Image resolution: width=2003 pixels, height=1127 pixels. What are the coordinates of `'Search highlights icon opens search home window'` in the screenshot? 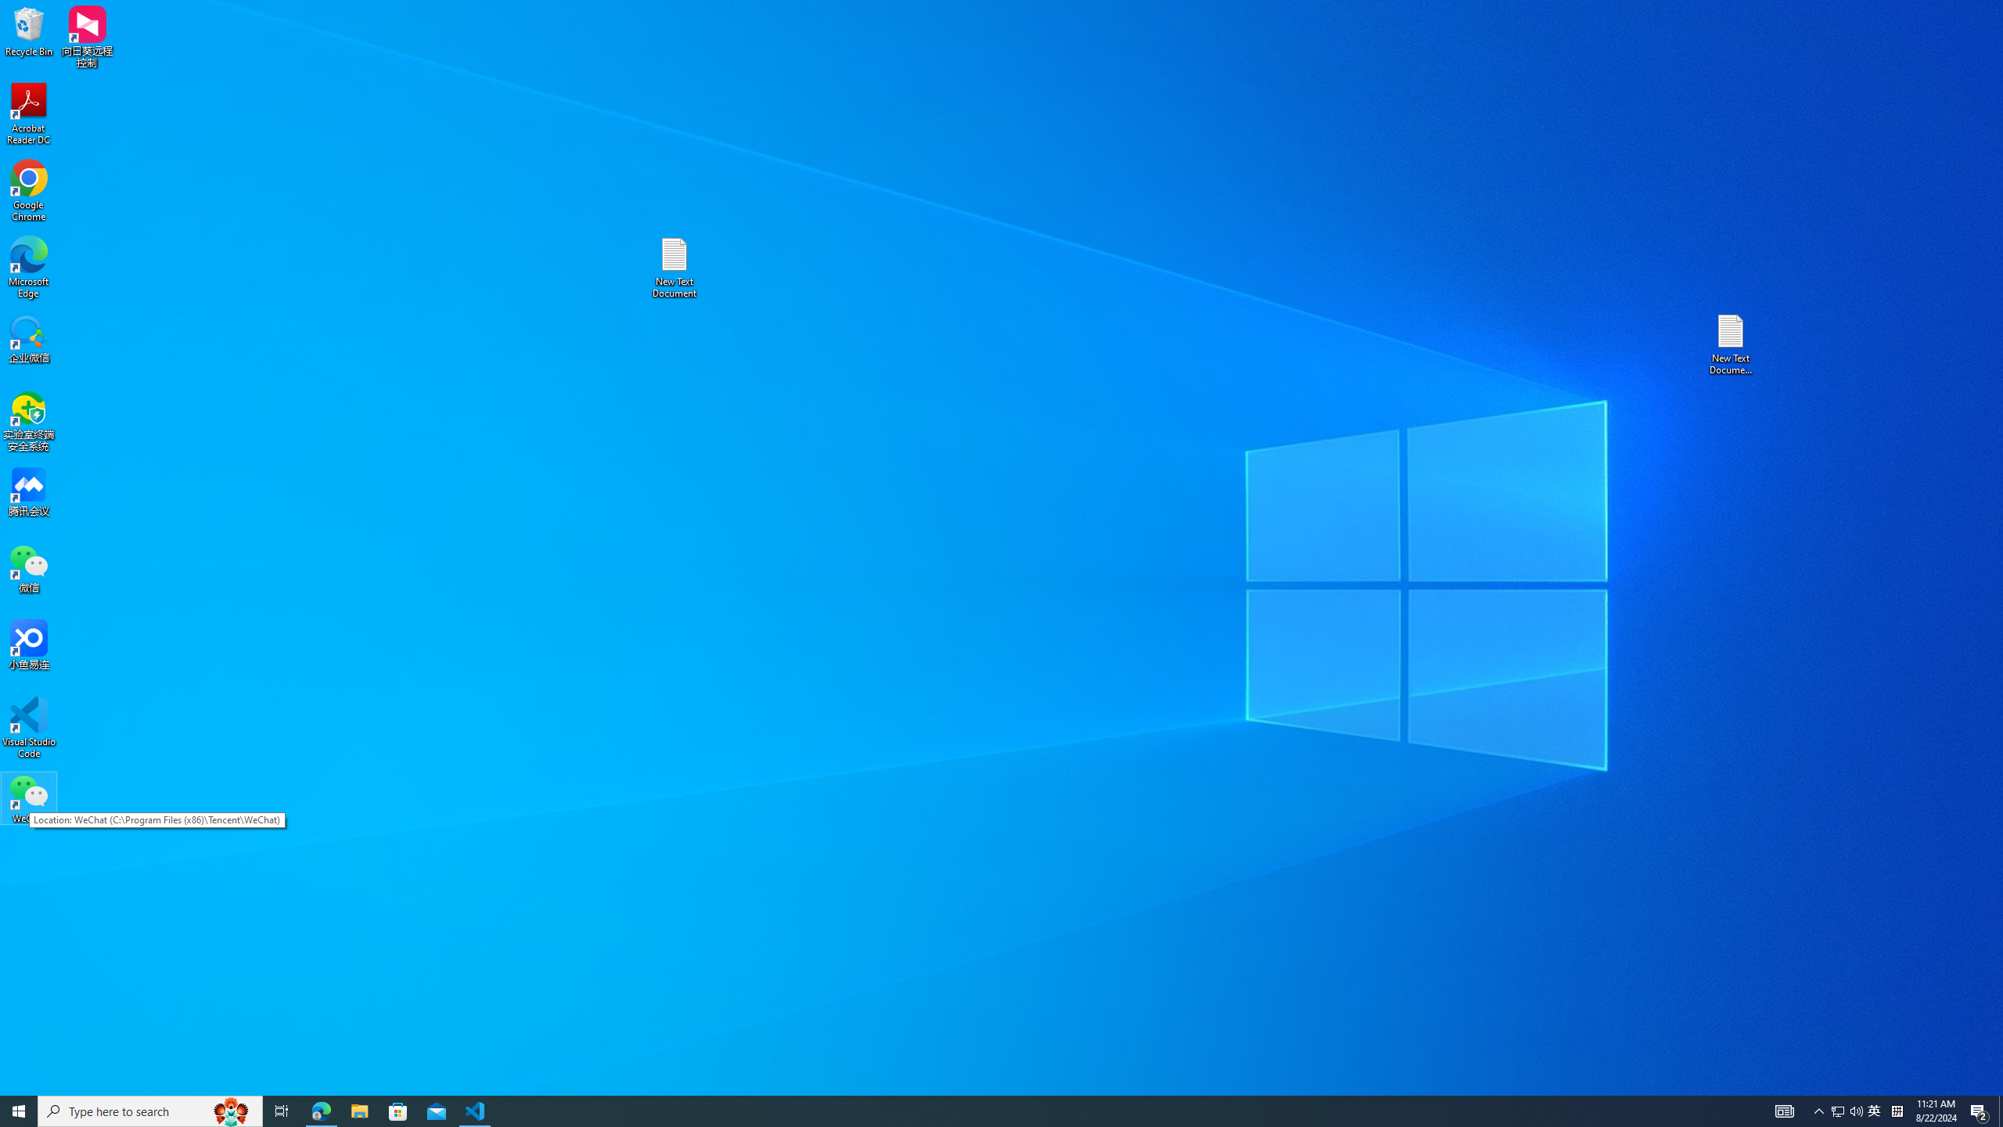 It's located at (230, 1110).